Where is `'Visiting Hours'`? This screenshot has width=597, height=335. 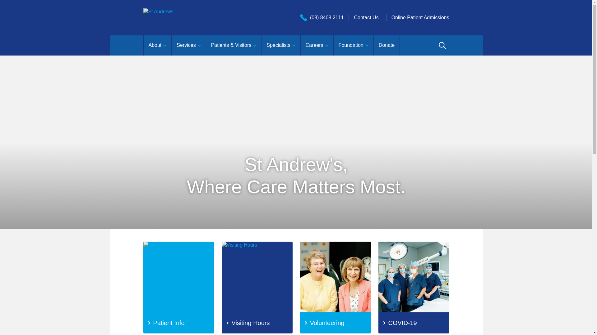 'Visiting Hours' is located at coordinates (257, 287).